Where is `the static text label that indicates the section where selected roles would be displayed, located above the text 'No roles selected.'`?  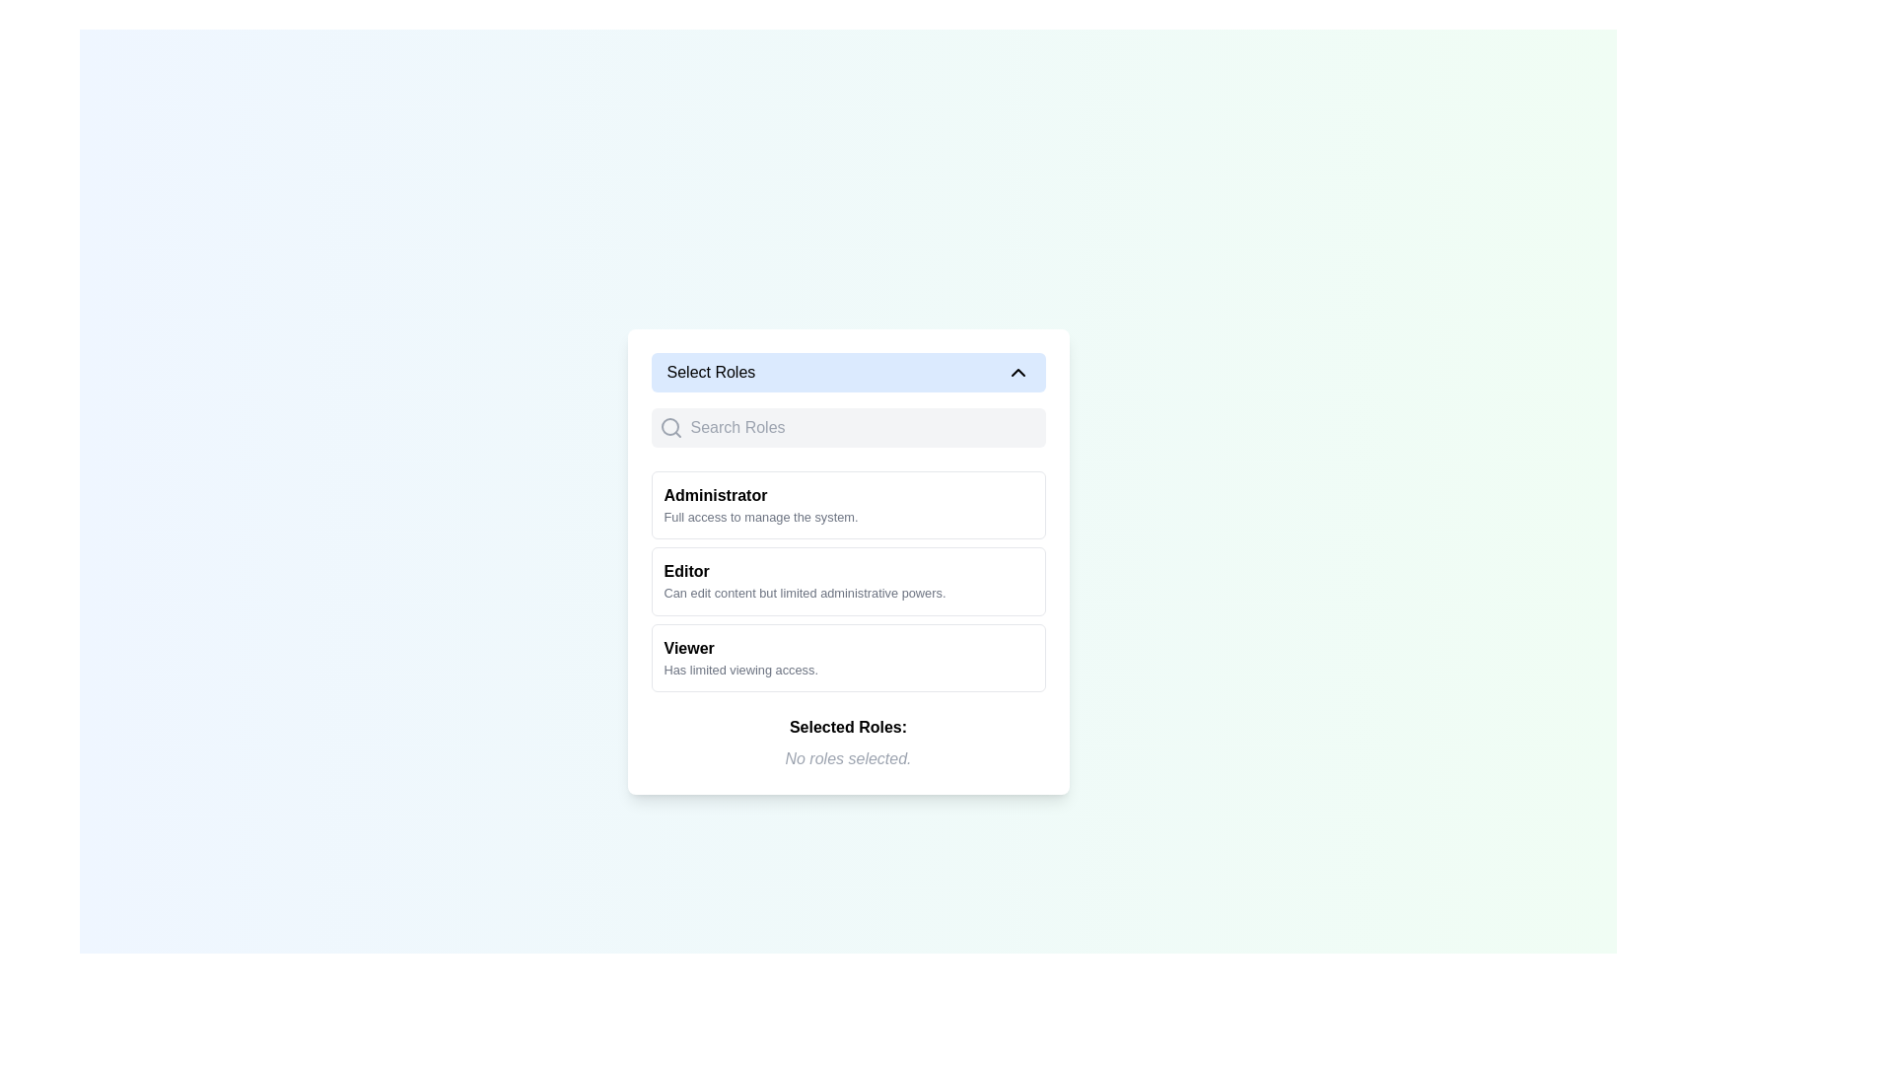
the static text label that indicates the section where selected roles would be displayed, located above the text 'No roles selected.' is located at coordinates (848, 727).